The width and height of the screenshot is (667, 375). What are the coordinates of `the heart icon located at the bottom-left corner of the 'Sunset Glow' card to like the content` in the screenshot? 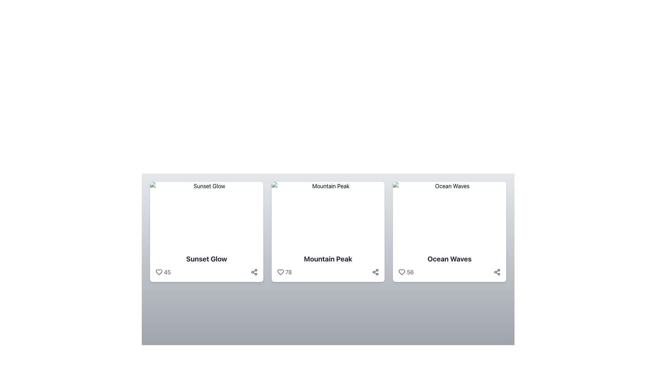 It's located at (158, 272).